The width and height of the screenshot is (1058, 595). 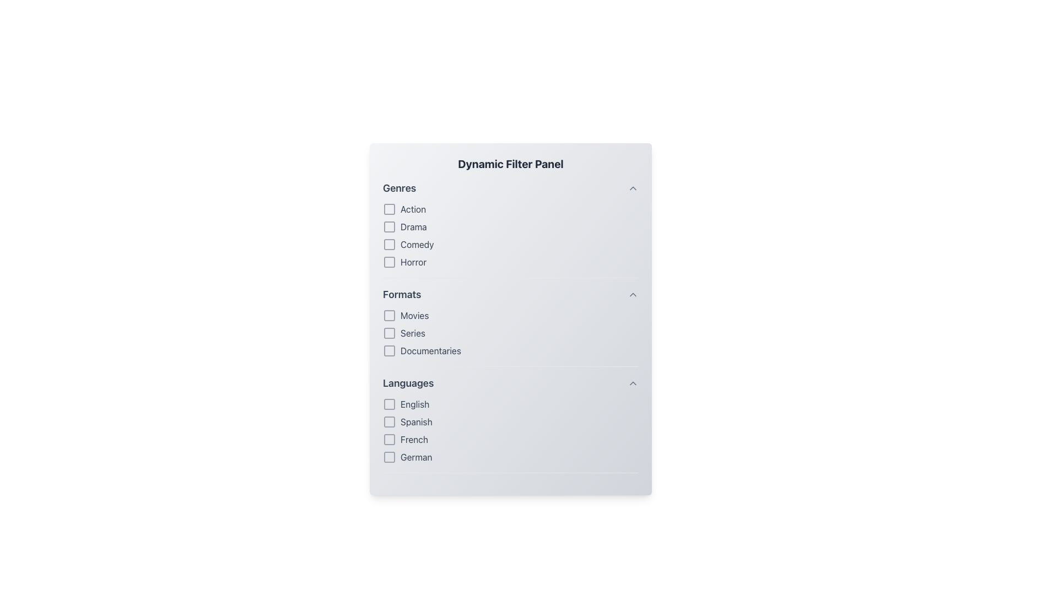 What do you see at coordinates (389, 439) in the screenshot?
I see `the checkbox next to the 'French' label` at bounding box center [389, 439].